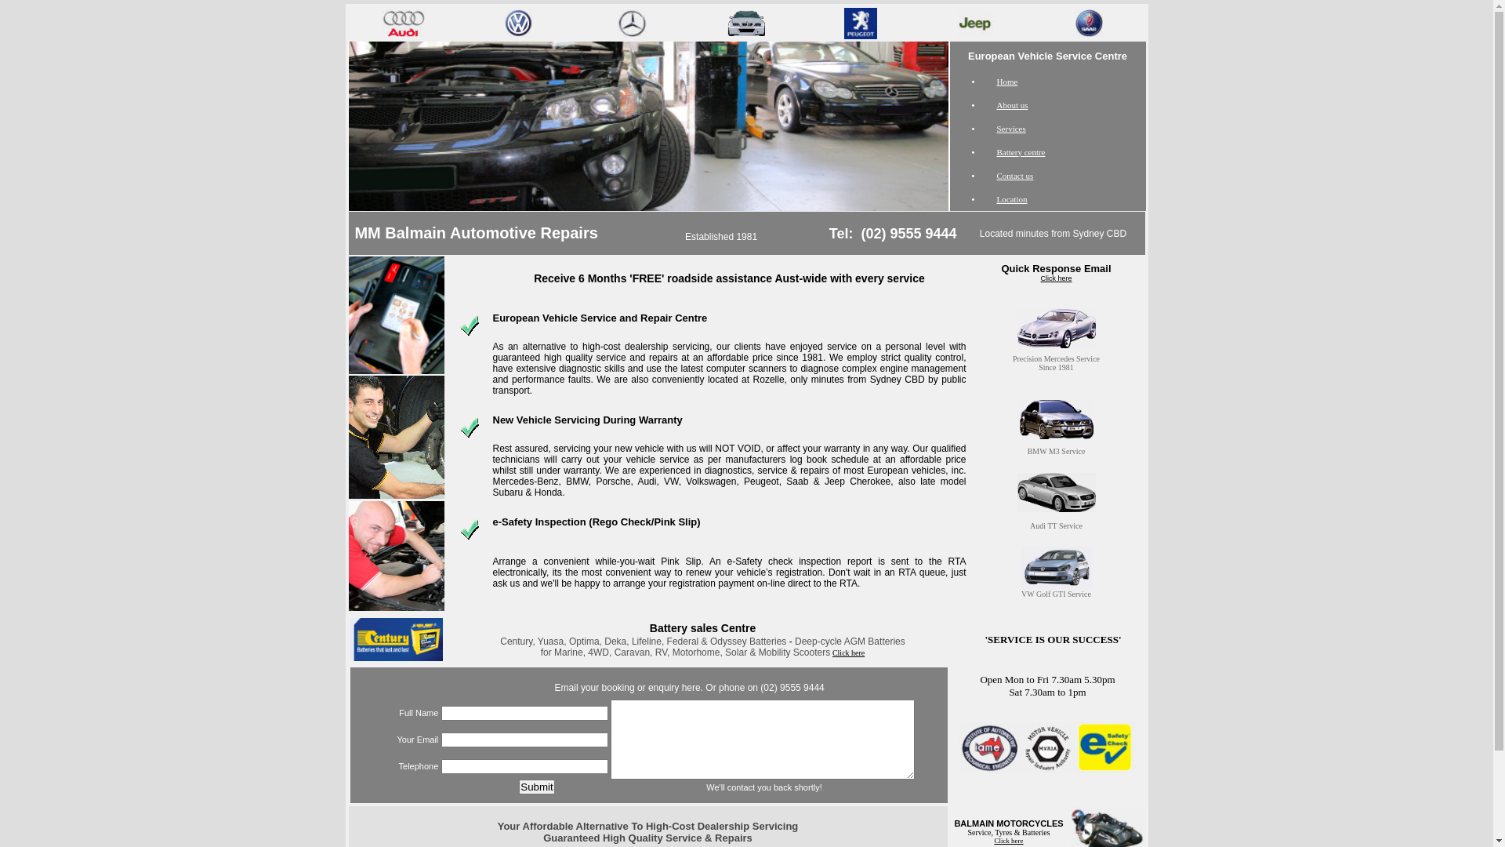  Describe the element at coordinates (996, 128) in the screenshot. I see `'Services'` at that location.